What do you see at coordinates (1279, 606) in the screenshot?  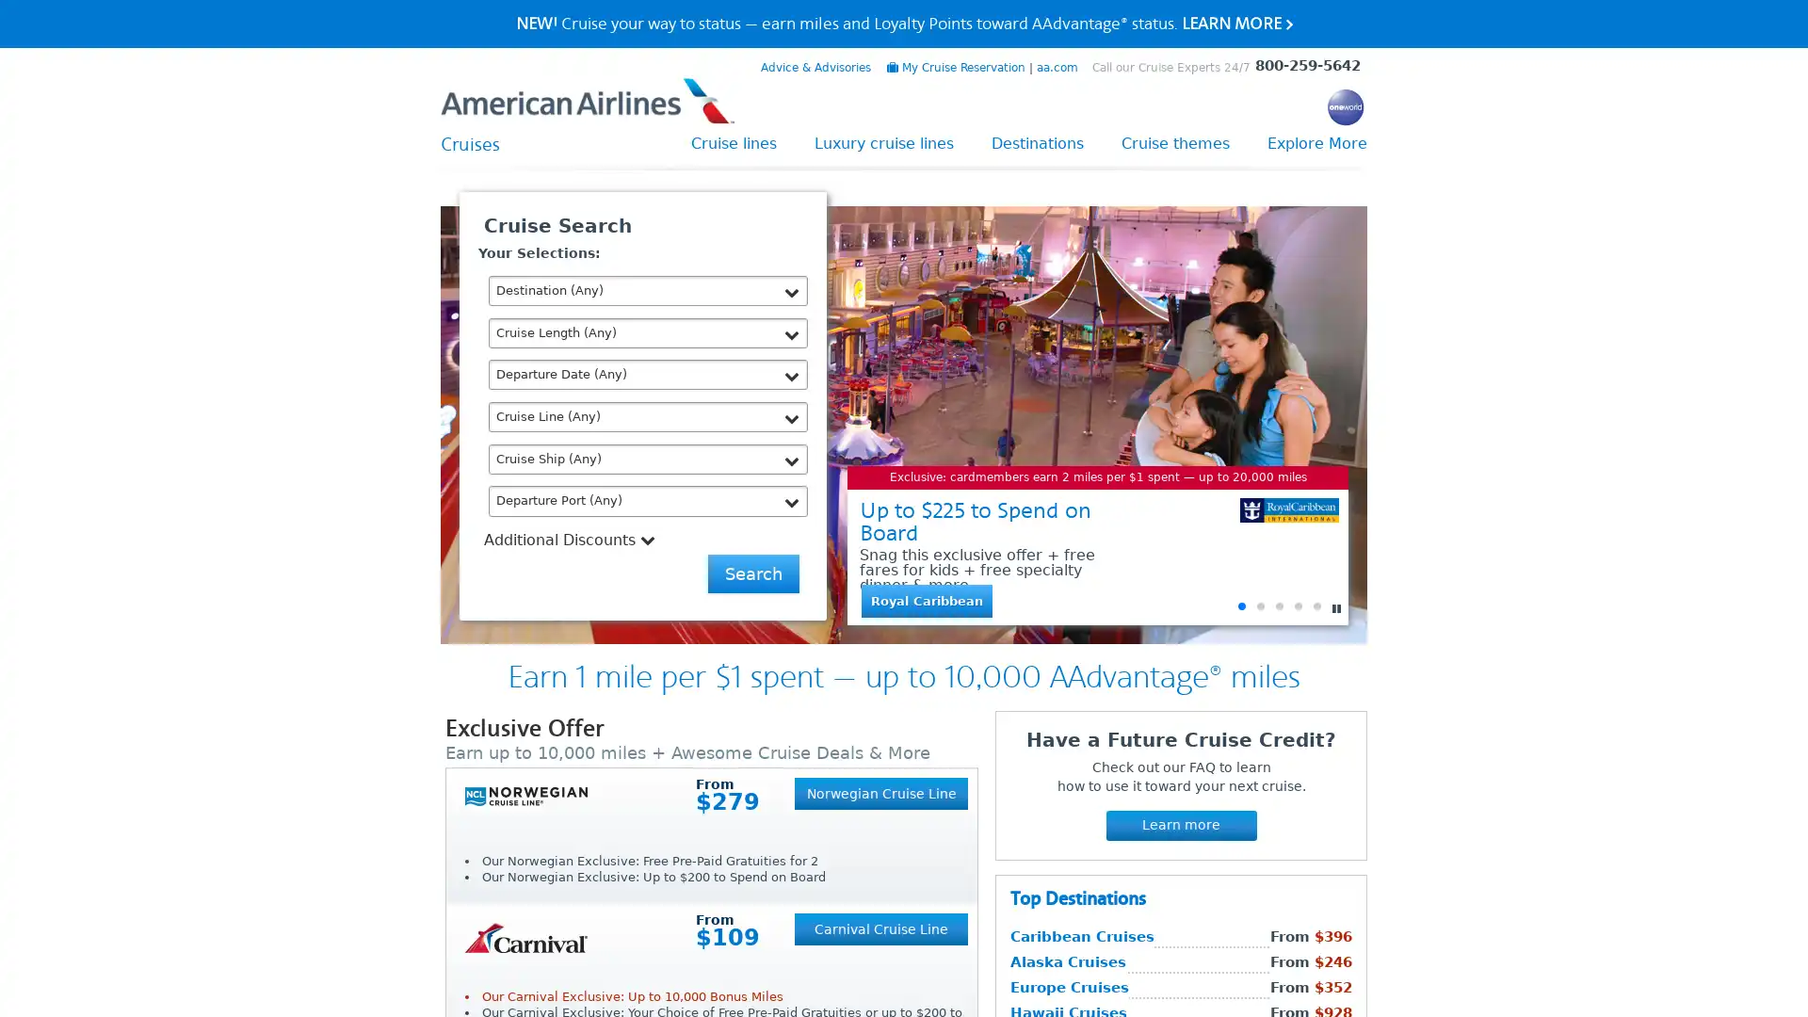 I see `Go to slide 3` at bounding box center [1279, 606].